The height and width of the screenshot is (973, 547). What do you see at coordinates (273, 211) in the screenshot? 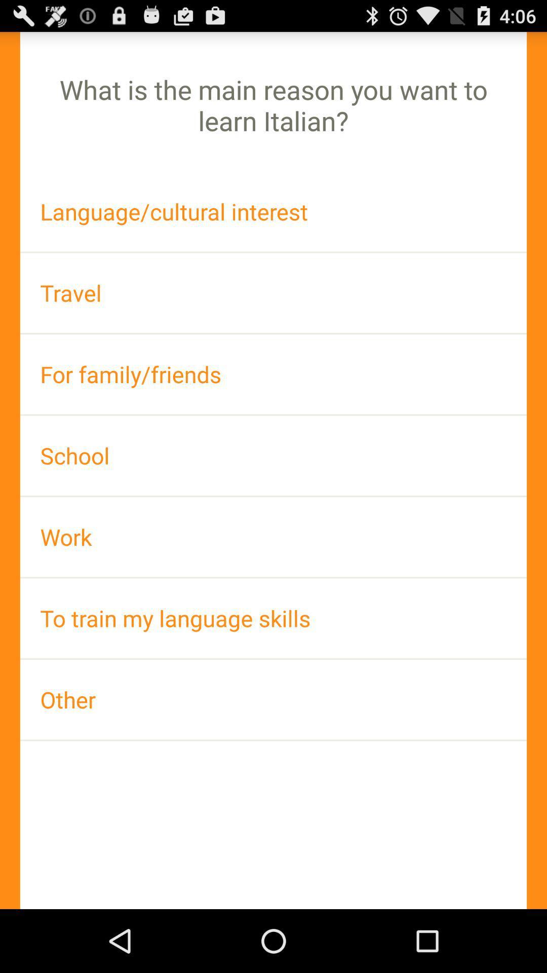
I see `the language/cultural interest icon` at bounding box center [273, 211].